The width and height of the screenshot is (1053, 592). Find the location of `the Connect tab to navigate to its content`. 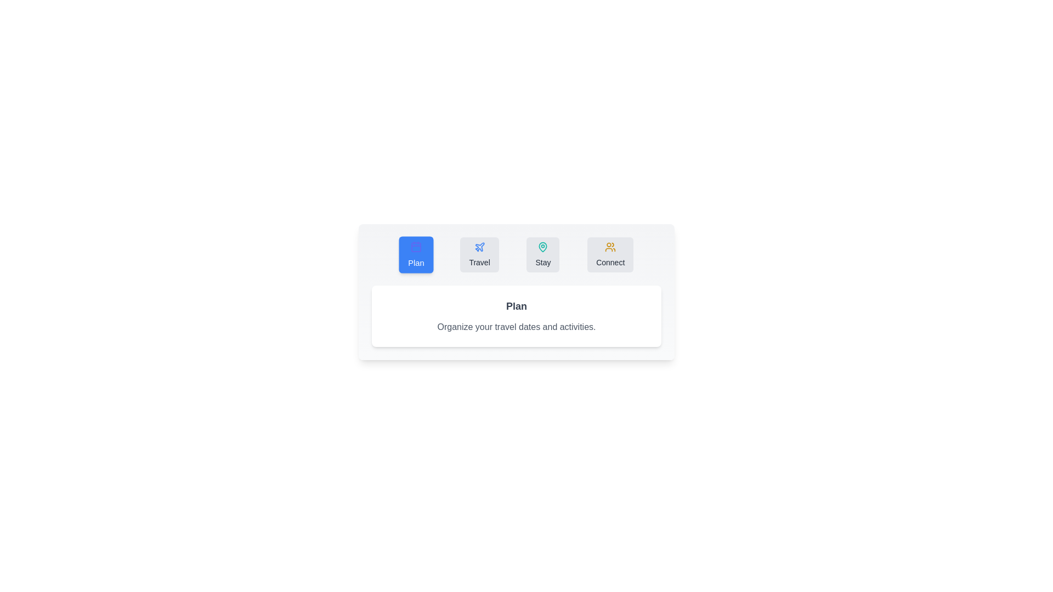

the Connect tab to navigate to its content is located at coordinates (610, 255).